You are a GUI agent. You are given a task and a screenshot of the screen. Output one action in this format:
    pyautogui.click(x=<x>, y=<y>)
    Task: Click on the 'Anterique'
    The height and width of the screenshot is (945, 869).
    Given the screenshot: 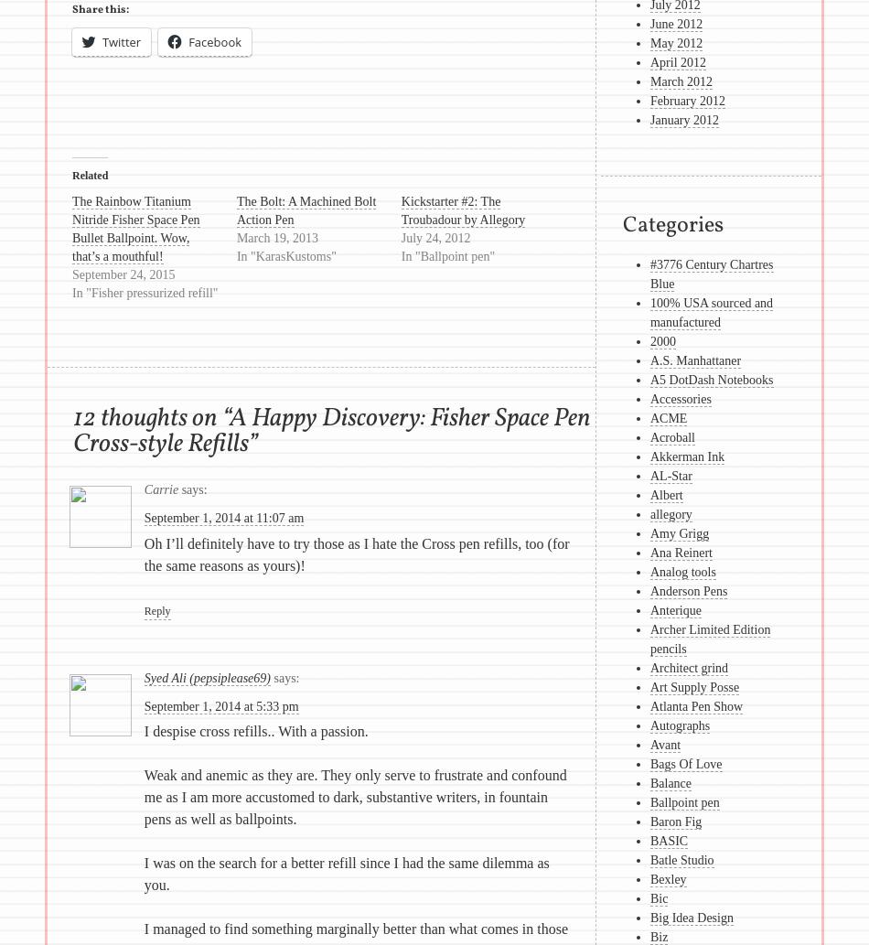 What is the action you would take?
    pyautogui.click(x=673, y=609)
    